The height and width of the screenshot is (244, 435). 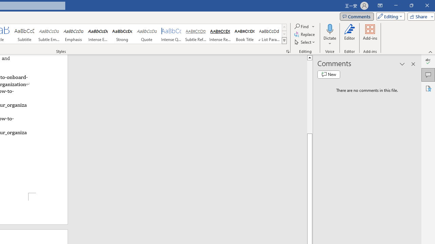 What do you see at coordinates (305, 42) in the screenshot?
I see `'Select'` at bounding box center [305, 42].